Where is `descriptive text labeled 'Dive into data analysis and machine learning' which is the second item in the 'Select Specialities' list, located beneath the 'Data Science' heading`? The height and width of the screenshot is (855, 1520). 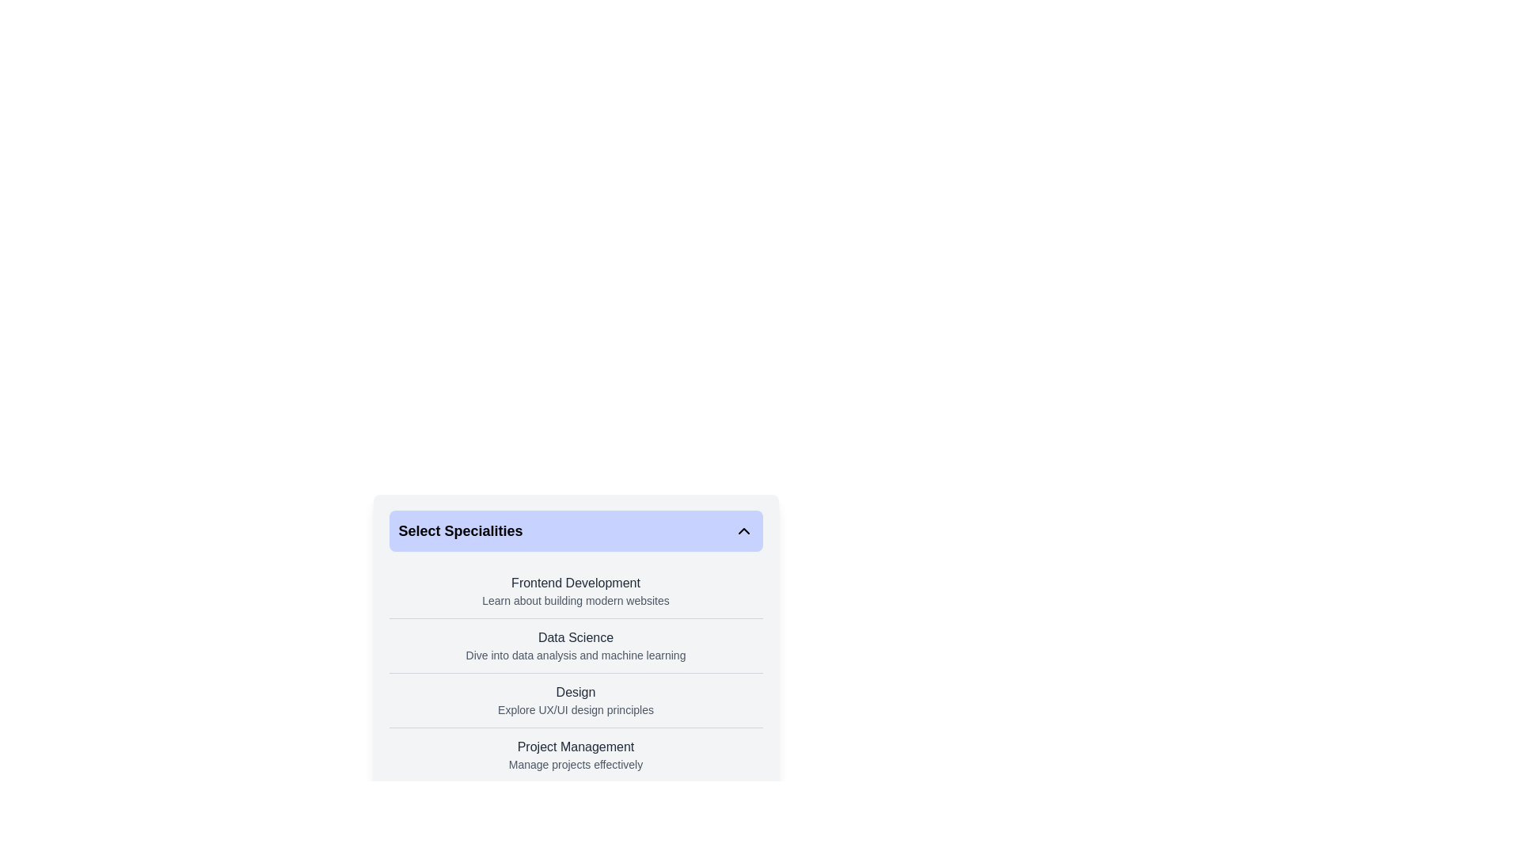
descriptive text labeled 'Dive into data analysis and machine learning' which is the second item in the 'Select Specialities' list, located beneath the 'Data Science' heading is located at coordinates (575, 655).